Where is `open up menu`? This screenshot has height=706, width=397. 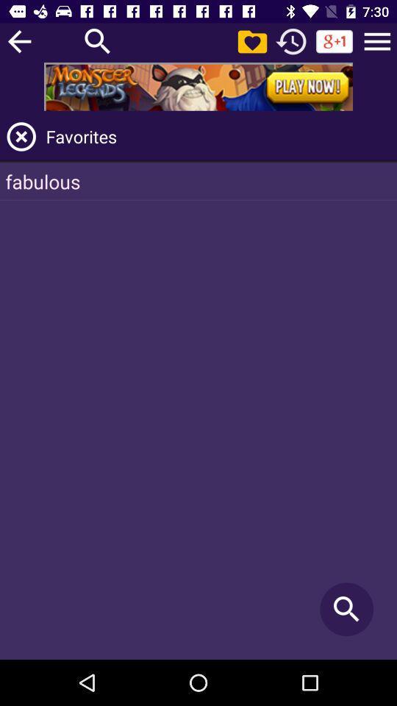
open up menu is located at coordinates (377, 40).